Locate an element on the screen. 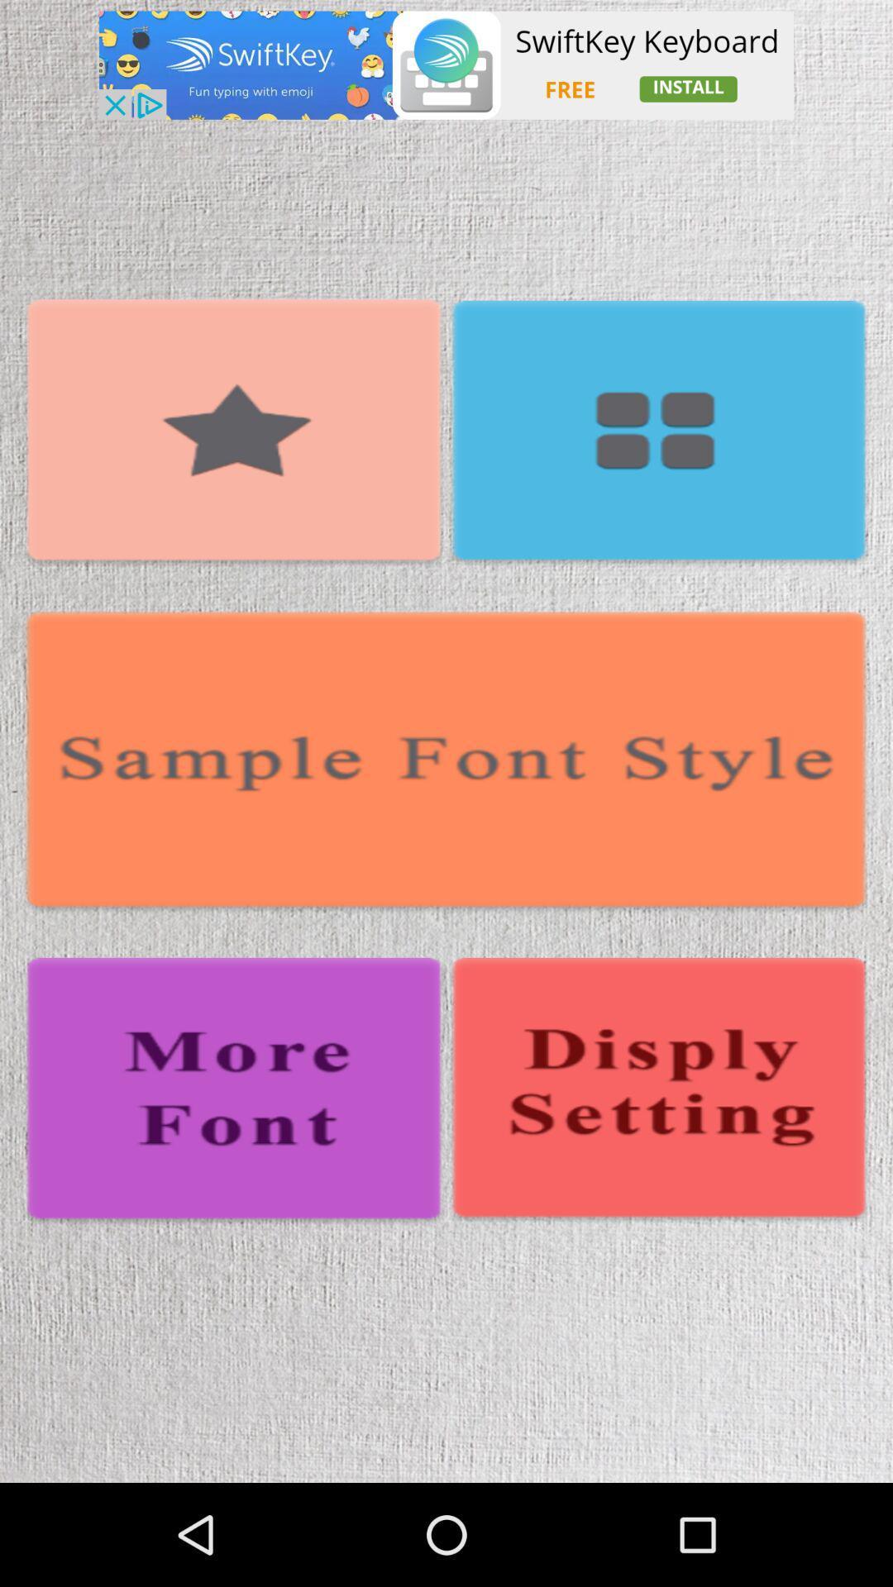 This screenshot has height=1587, width=893. see more fonts is located at coordinates (234, 1092).